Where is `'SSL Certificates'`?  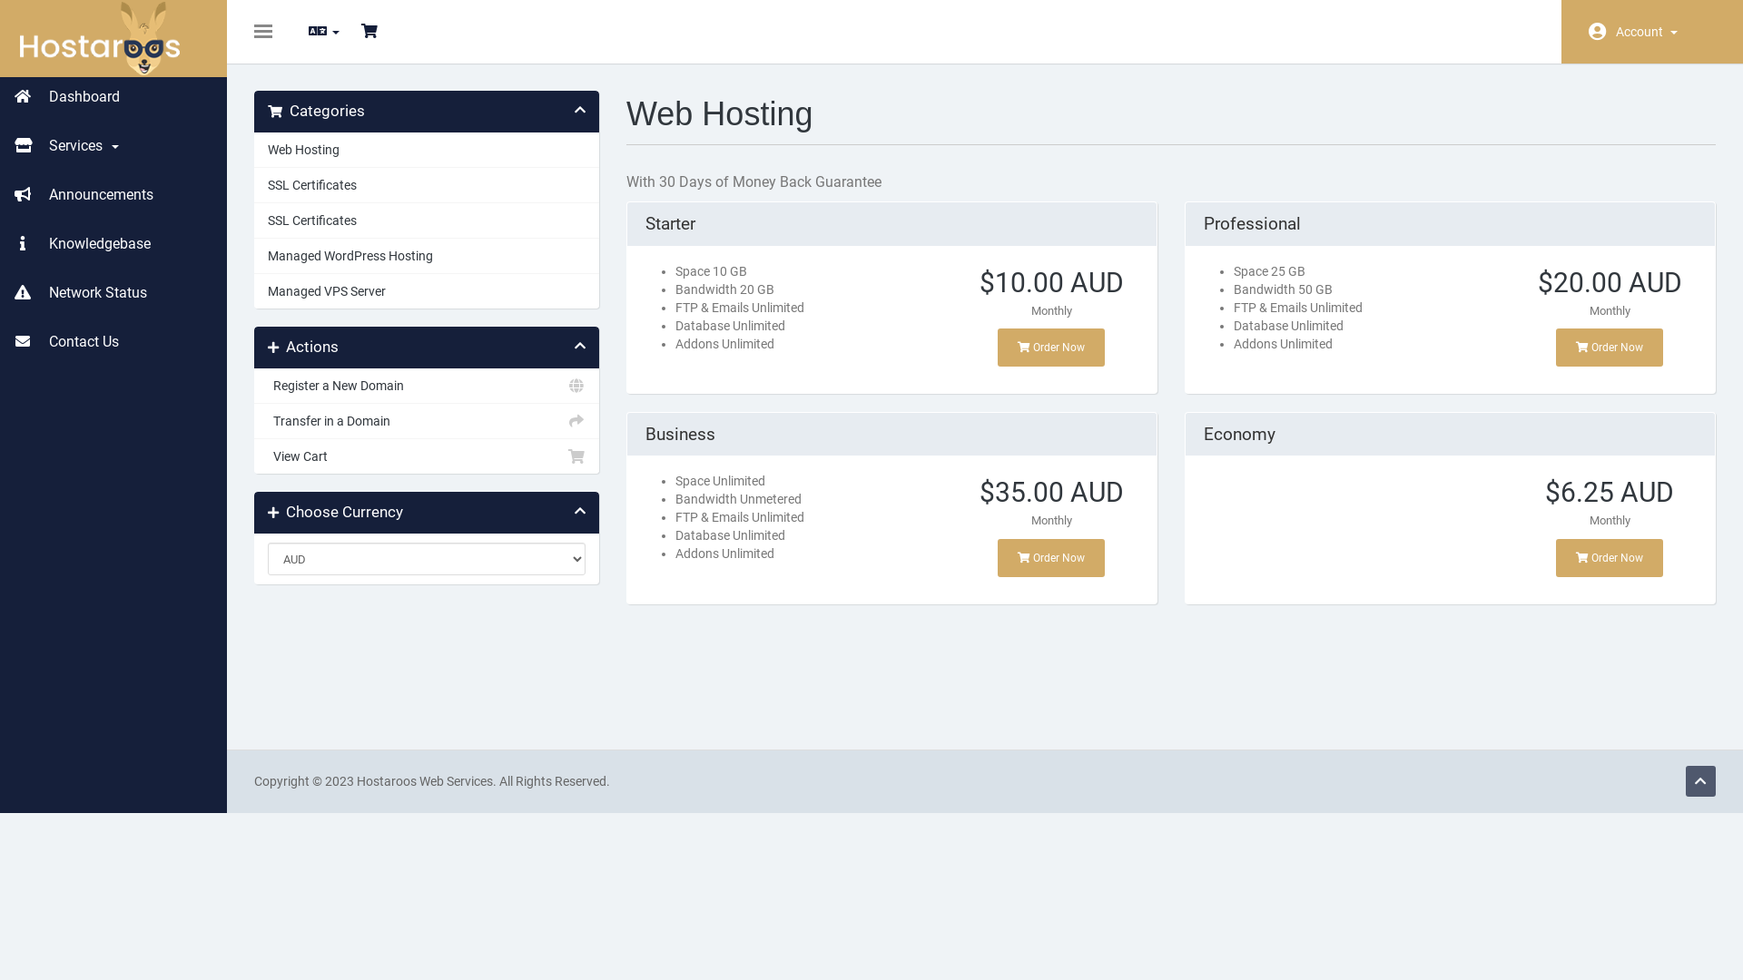
'SSL Certificates' is located at coordinates (426, 185).